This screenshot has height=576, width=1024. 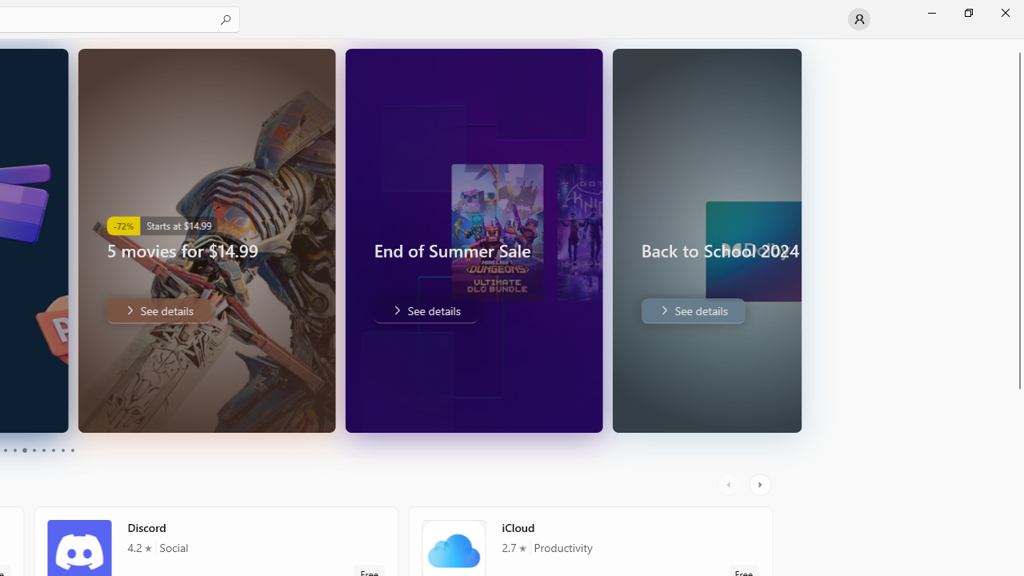 I want to click on 'AutomationID: RightScrollButton', so click(x=761, y=484).